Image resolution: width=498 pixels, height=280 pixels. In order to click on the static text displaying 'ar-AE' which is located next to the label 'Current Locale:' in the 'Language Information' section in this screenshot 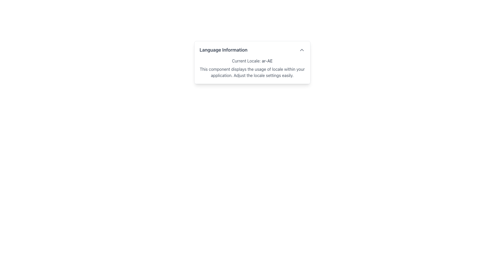, I will do `click(267, 61)`.